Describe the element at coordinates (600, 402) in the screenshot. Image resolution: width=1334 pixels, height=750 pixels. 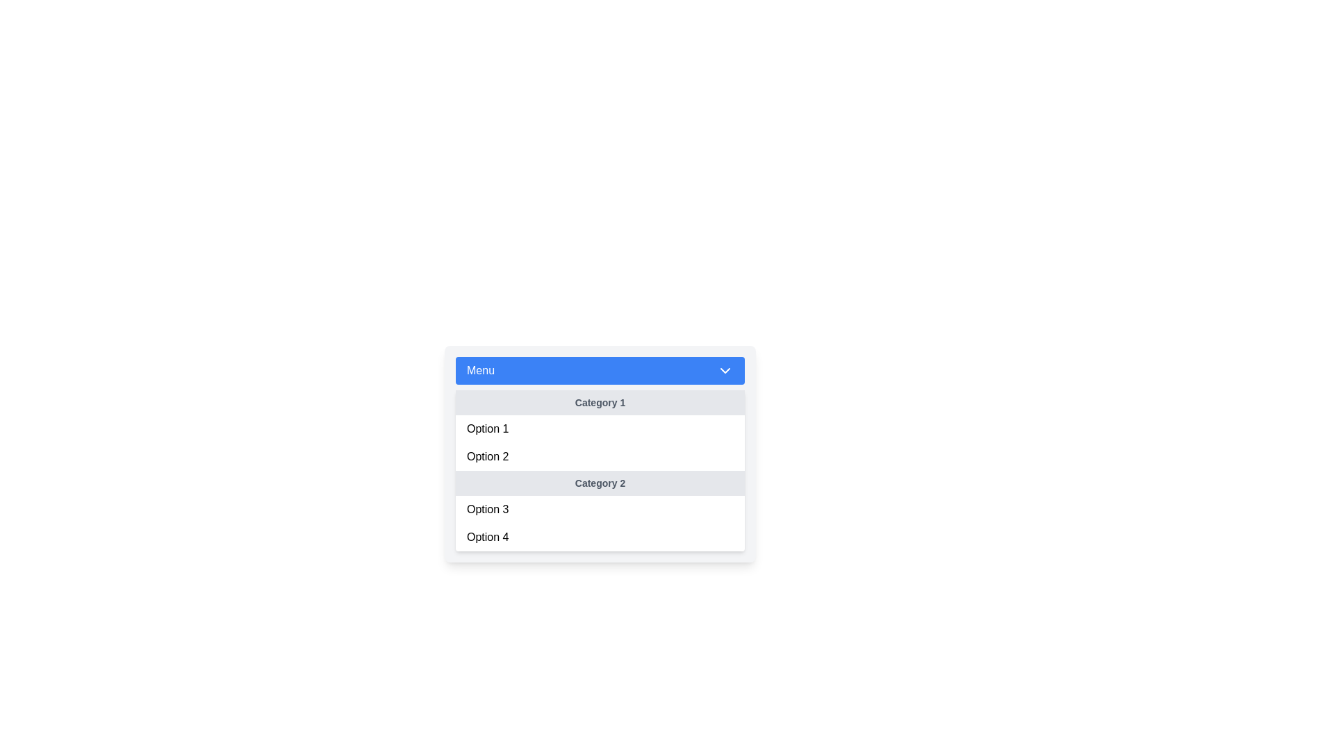
I see `the text label displaying 'Category 1' with a medium font weight and light gray background, located at the top of the dropdown menu` at that location.